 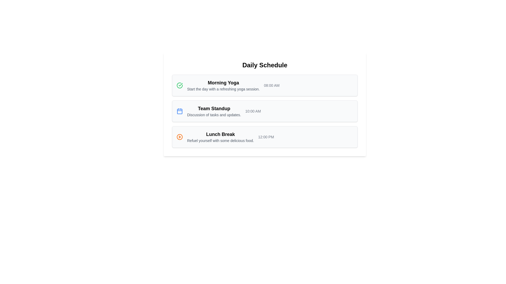 I want to click on the Text Block containing 'Lunch Break', so click(x=220, y=136).